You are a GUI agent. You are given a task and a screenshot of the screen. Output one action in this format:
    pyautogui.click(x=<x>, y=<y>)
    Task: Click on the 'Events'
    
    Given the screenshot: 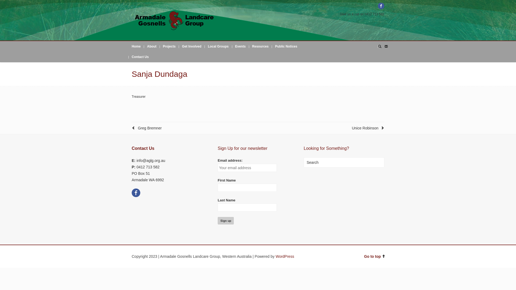 What is the action you would take?
    pyautogui.click(x=240, y=46)
    